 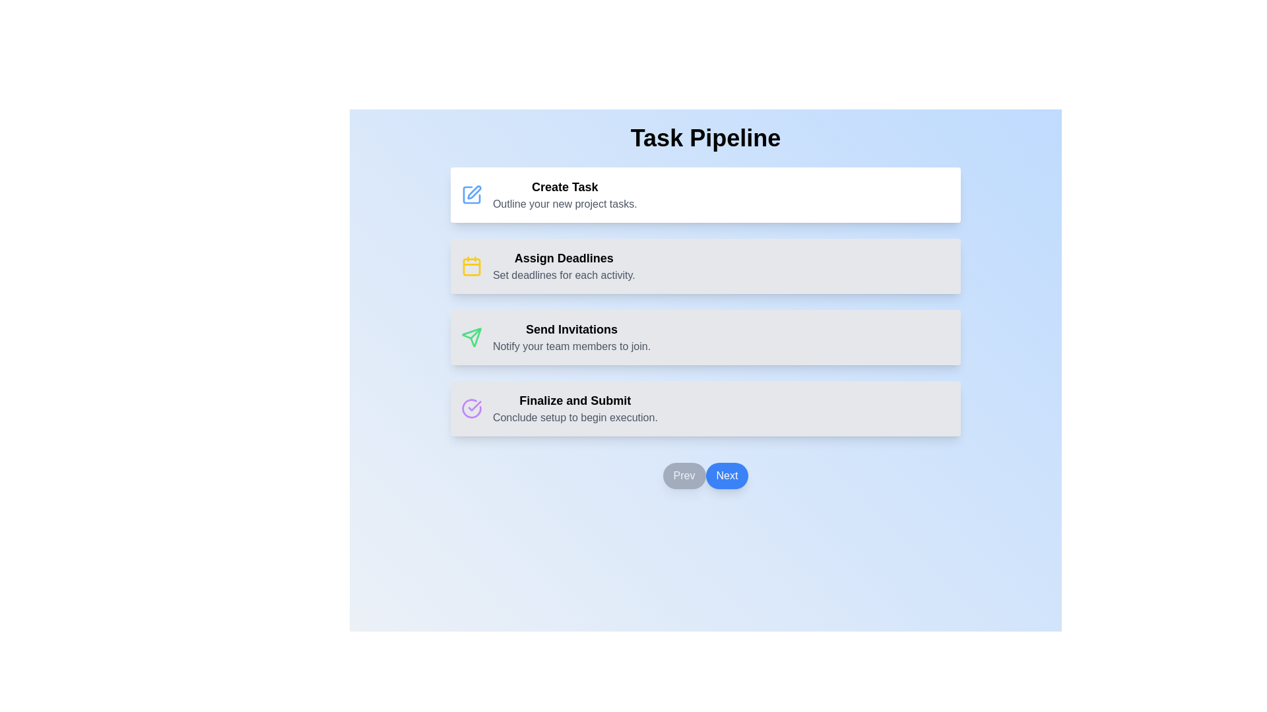 I want to click on the bold, black text labeled 'Assign Deadlines' that is styled with a larger font size and positioned over a light gray rectangular background, so click(x=564, y=258).